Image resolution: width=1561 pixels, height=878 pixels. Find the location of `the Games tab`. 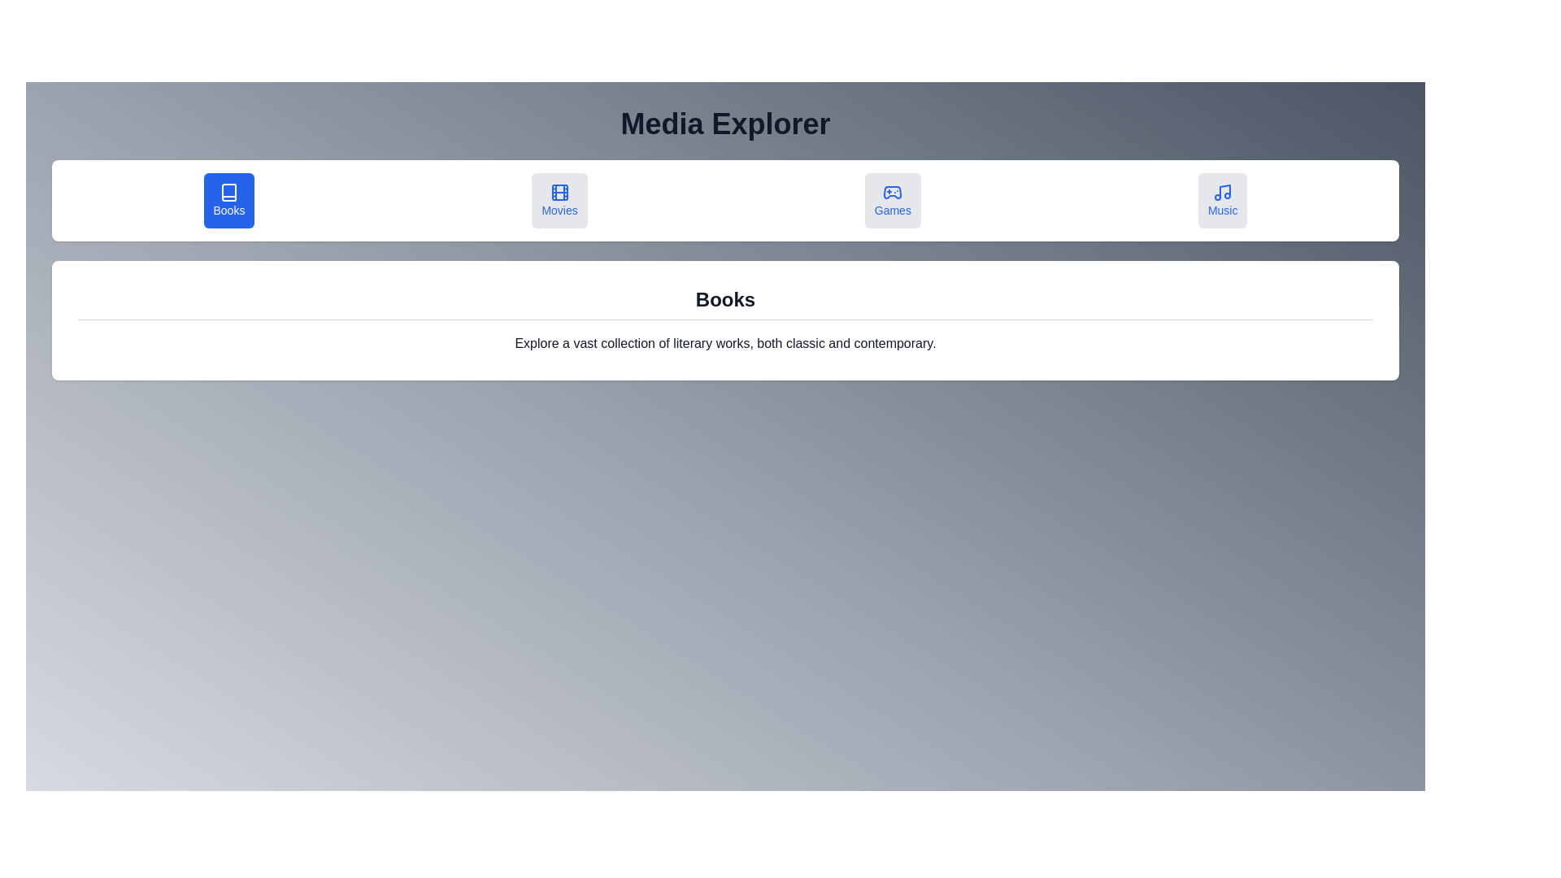

the Games tab is located at coordinates (892, 199).